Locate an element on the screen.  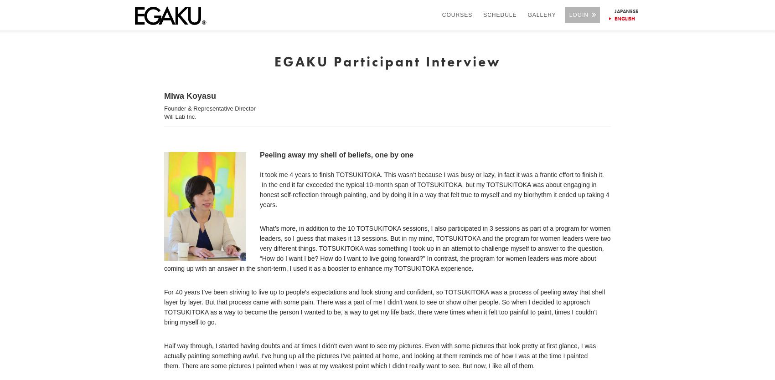
'JAPANESE' is located at coordinates (614, 11).